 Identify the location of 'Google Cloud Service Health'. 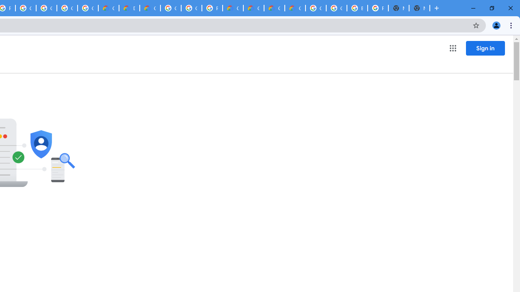
(295, 8).